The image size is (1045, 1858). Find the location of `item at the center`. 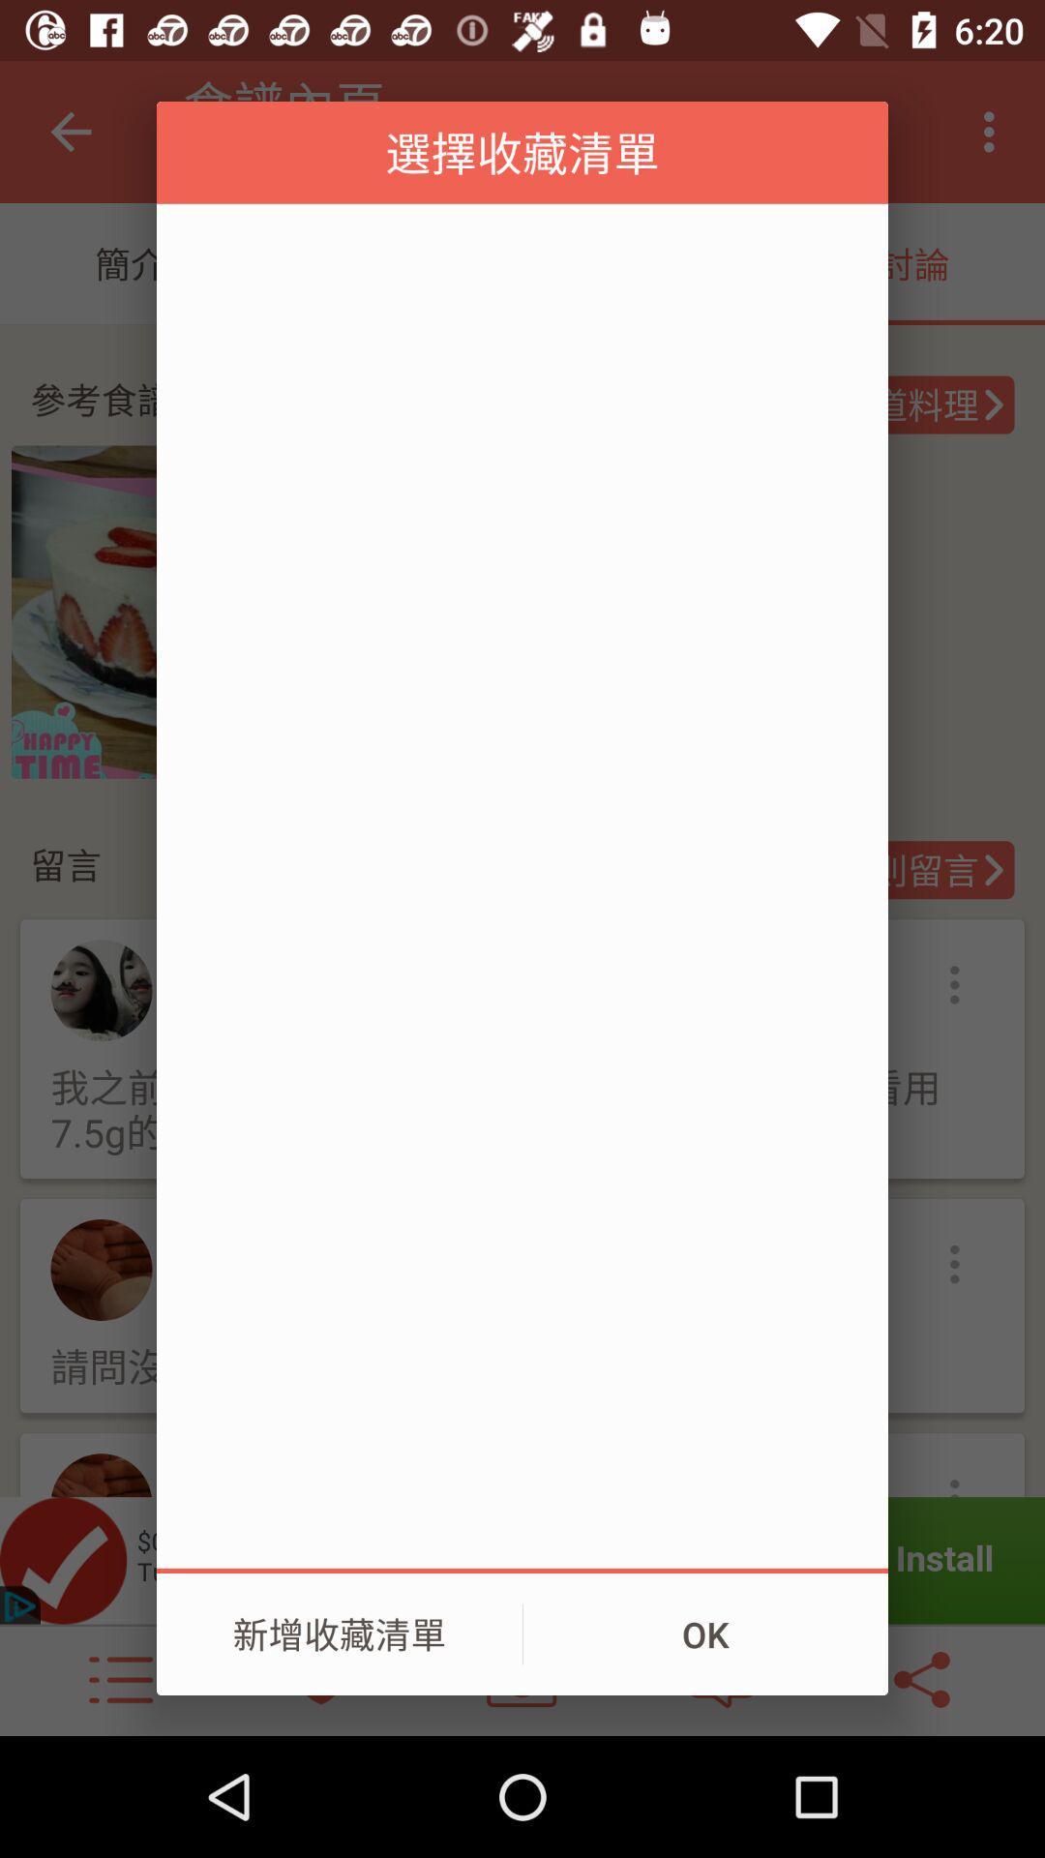

item at the center is located at coordinates (522, 884).